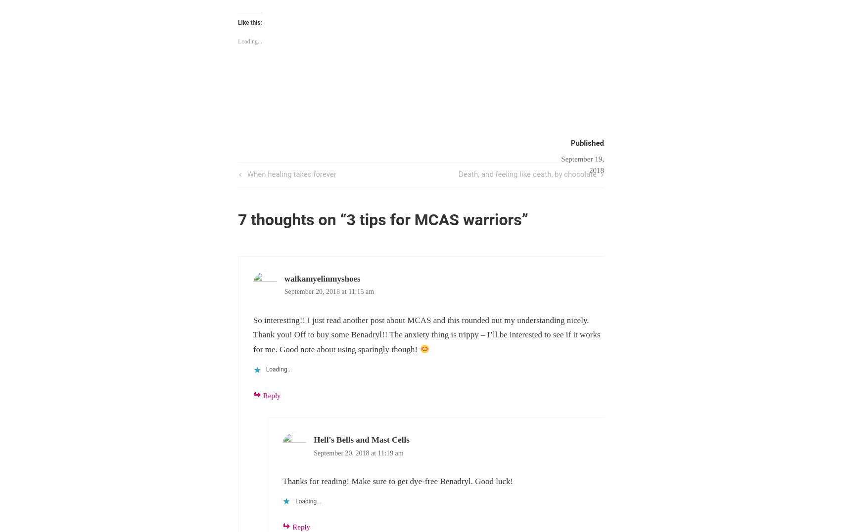  Describe the element at coordinates (358, 452) in the screenshot. I see `'September 20, 2018 at 11:19 am'` at that location.